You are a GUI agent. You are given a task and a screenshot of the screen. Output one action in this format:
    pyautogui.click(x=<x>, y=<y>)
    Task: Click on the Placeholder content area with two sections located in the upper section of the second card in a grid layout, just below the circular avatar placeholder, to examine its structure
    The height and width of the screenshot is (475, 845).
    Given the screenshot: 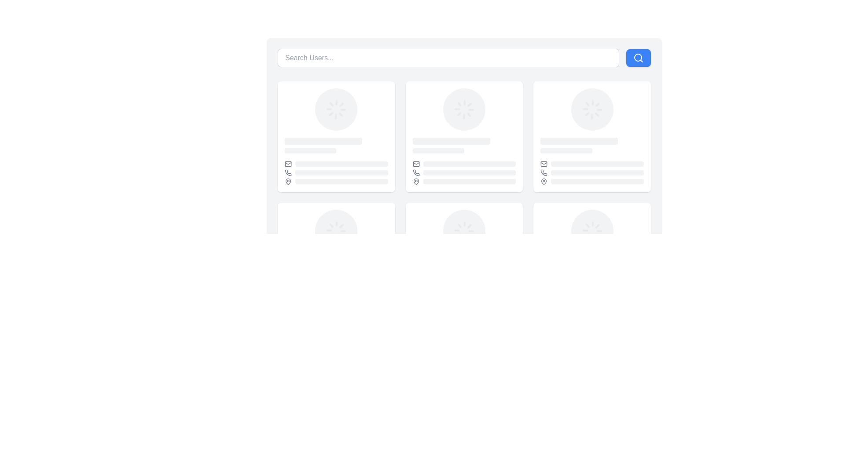 What is the action you would take?
    pyautogui.click(x=464, y=145)
    